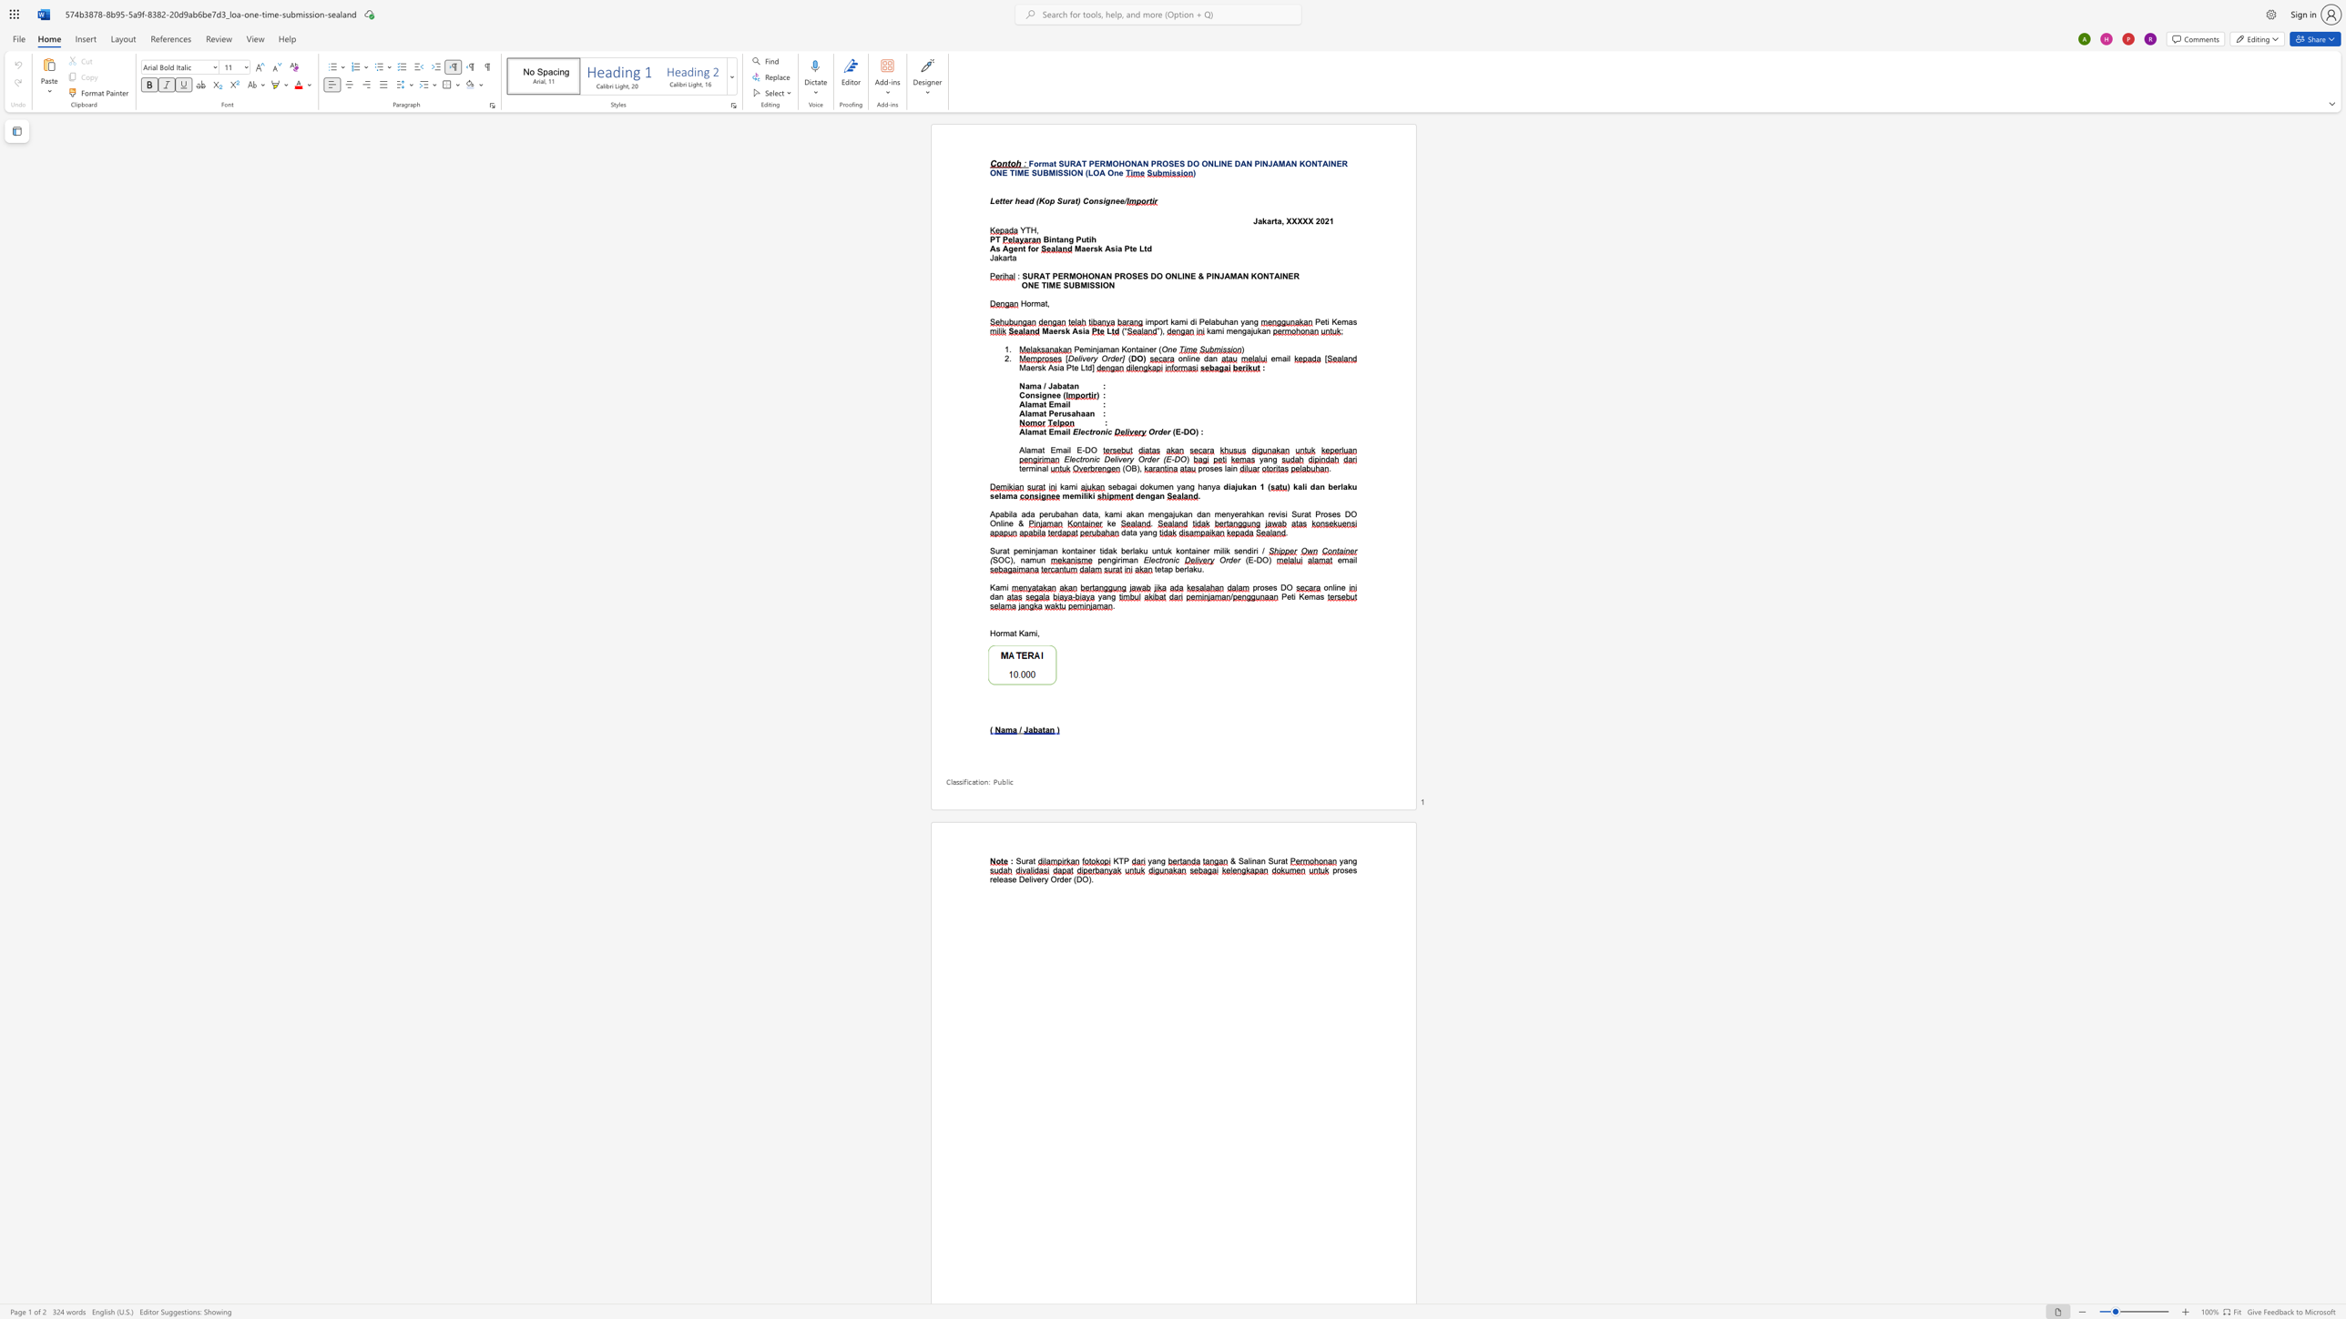  What do you see at coordinates (1281, 596) in the screenshot?
I see `the subset text "Pe" within the text "Peti Kemas"` at bounding box center [1281, 596].